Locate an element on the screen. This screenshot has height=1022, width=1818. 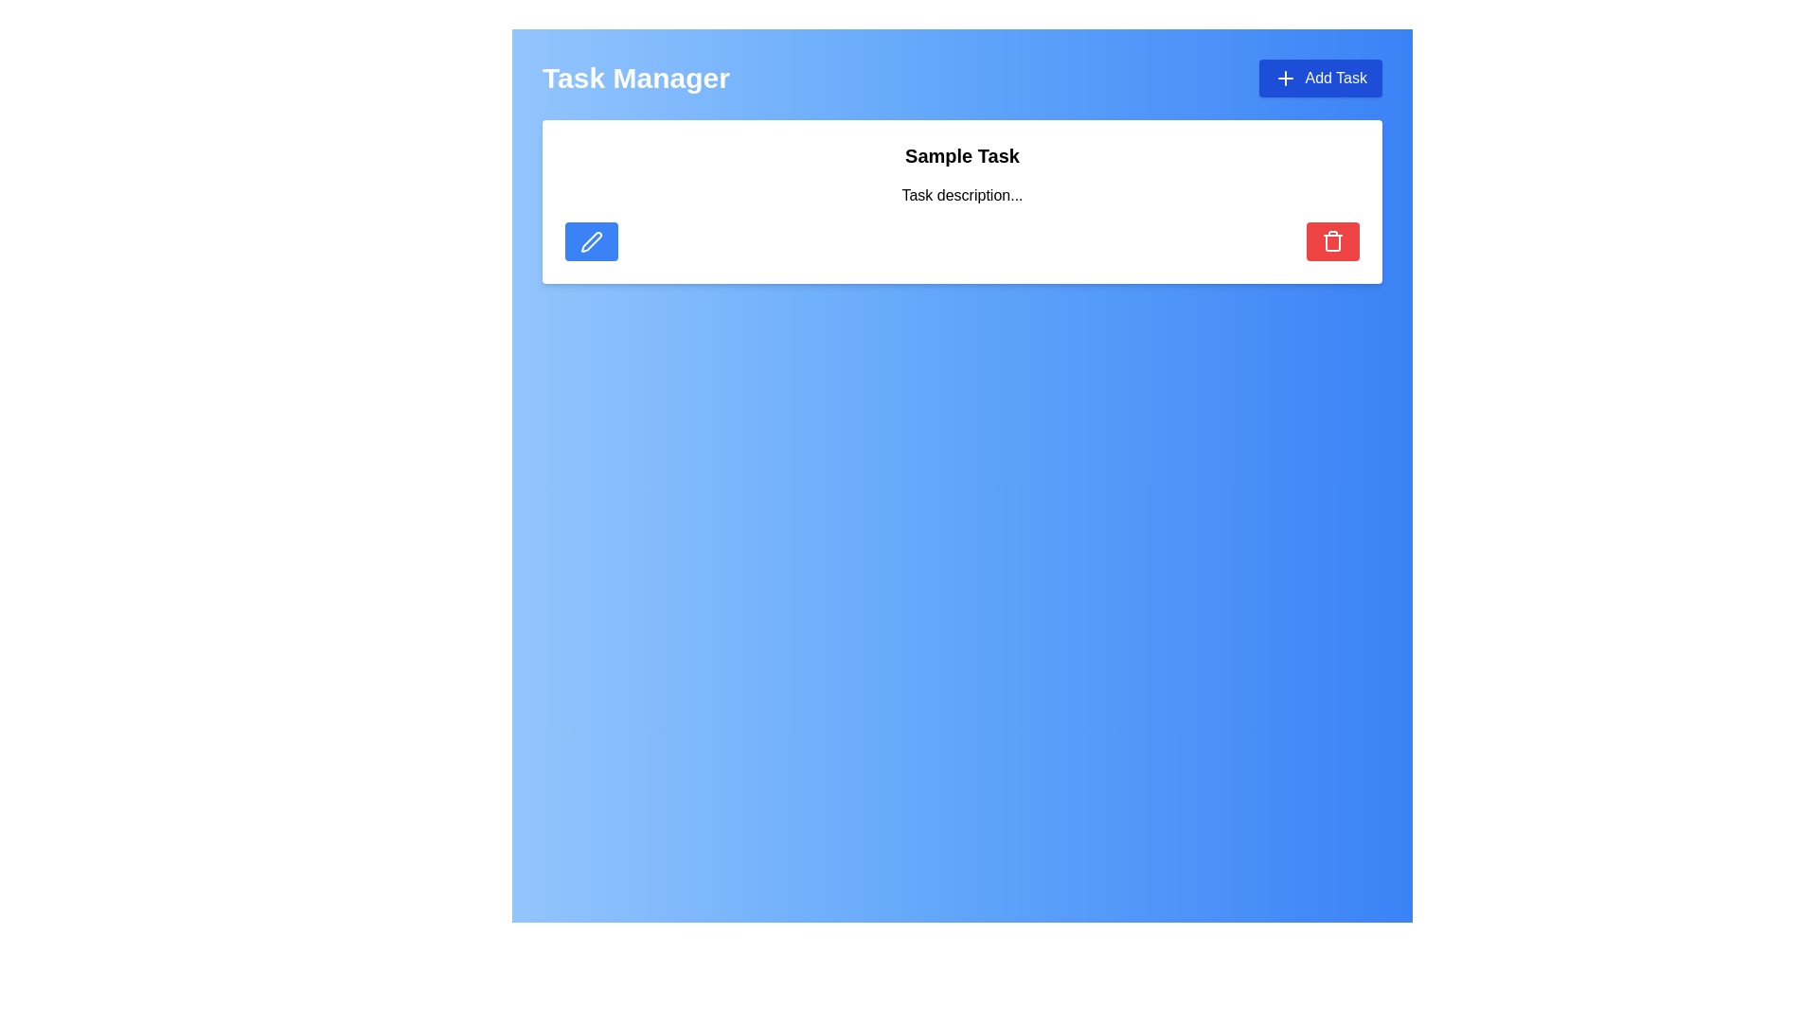
the red delete button with a trash bin icon is located at coordinates (1331, 239).